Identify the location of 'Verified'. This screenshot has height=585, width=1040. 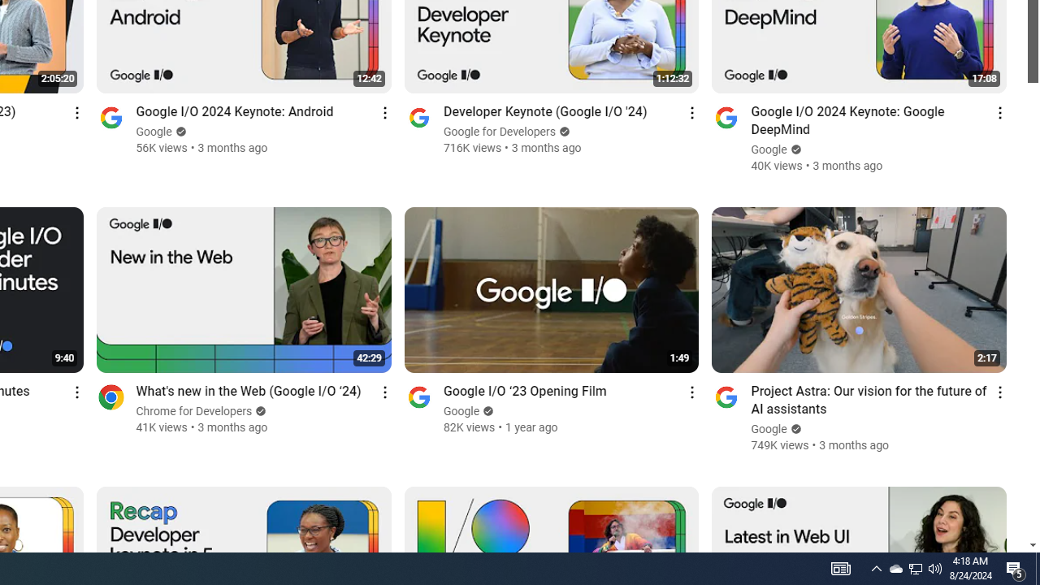
(794, 428).